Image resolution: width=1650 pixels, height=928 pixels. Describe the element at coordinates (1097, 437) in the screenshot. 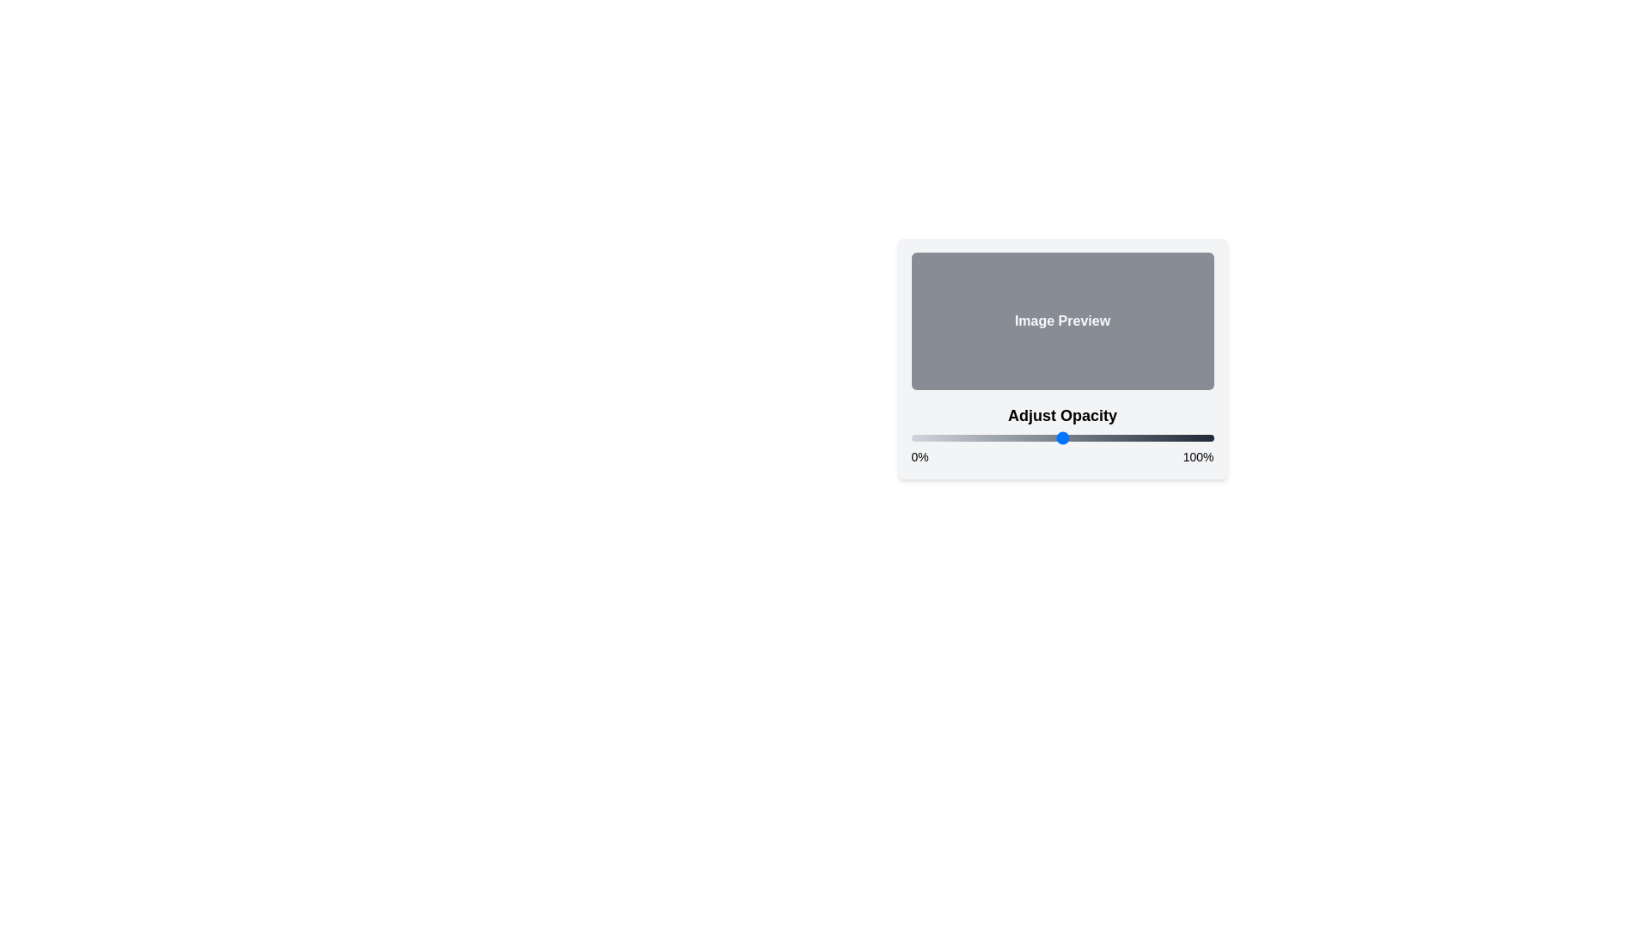

I see `the opacity` at that location.